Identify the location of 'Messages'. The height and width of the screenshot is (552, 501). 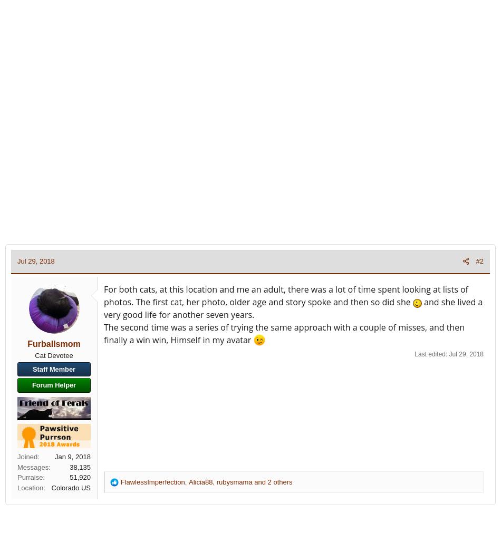
(33, 466).